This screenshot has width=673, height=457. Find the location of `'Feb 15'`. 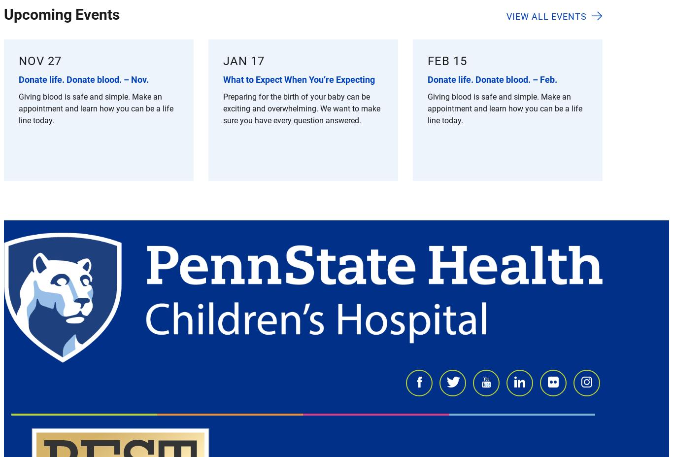

'Feb 15' is located at coordinates (446, 61).